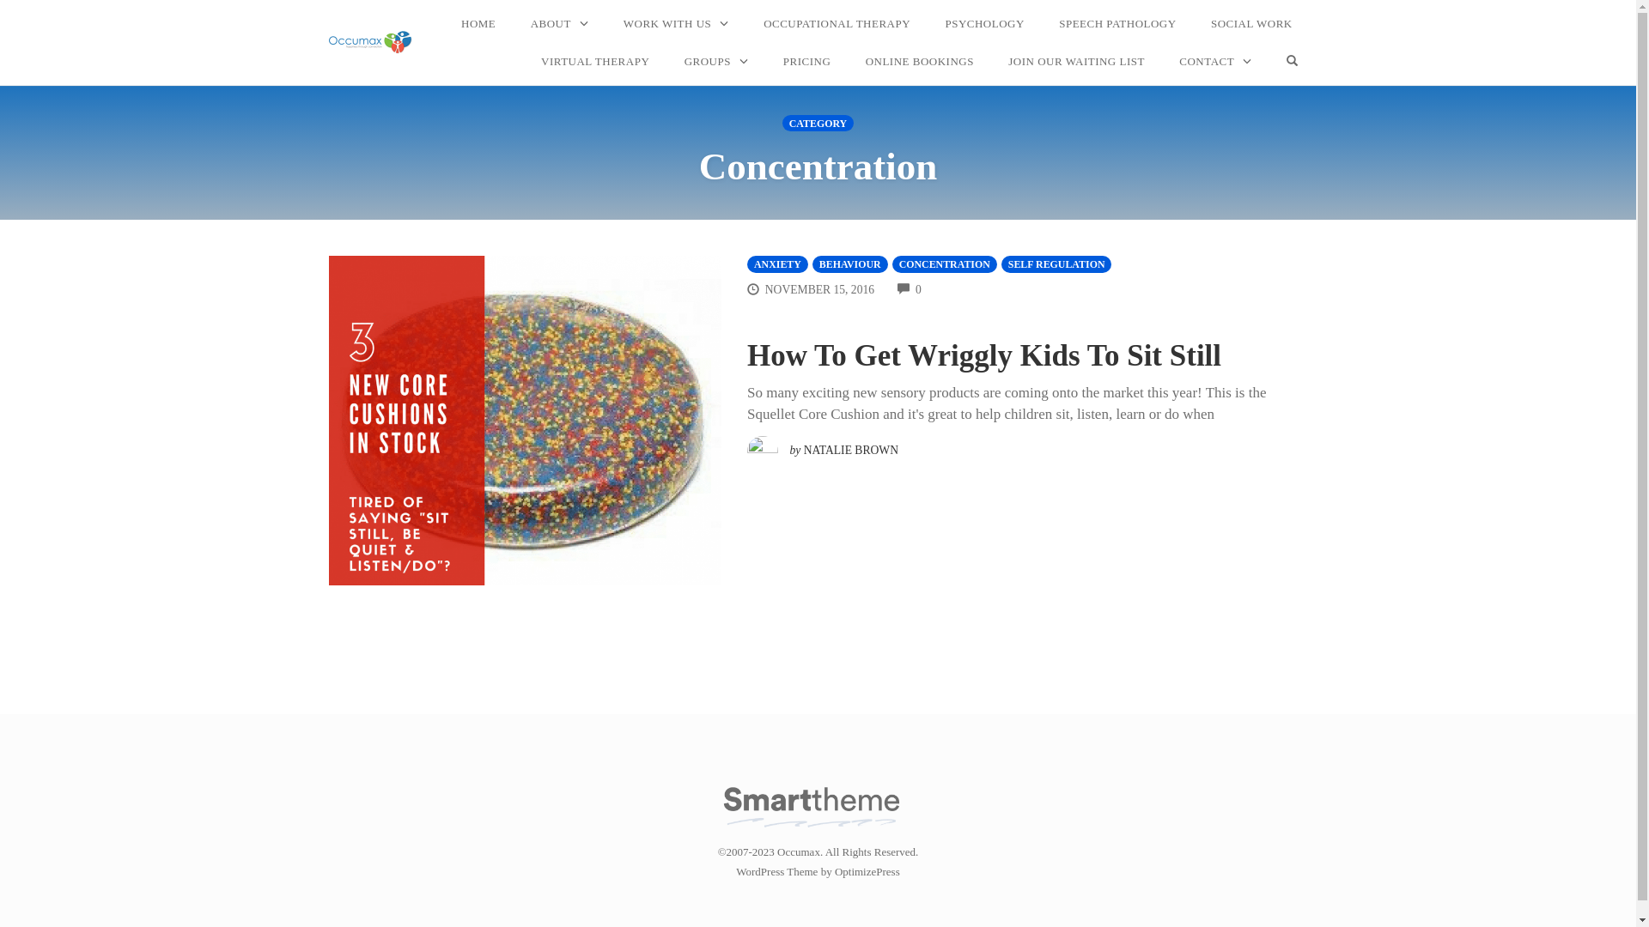  I want to click on 'JOIN OUR WAITING LIST', so click(1075, 61).